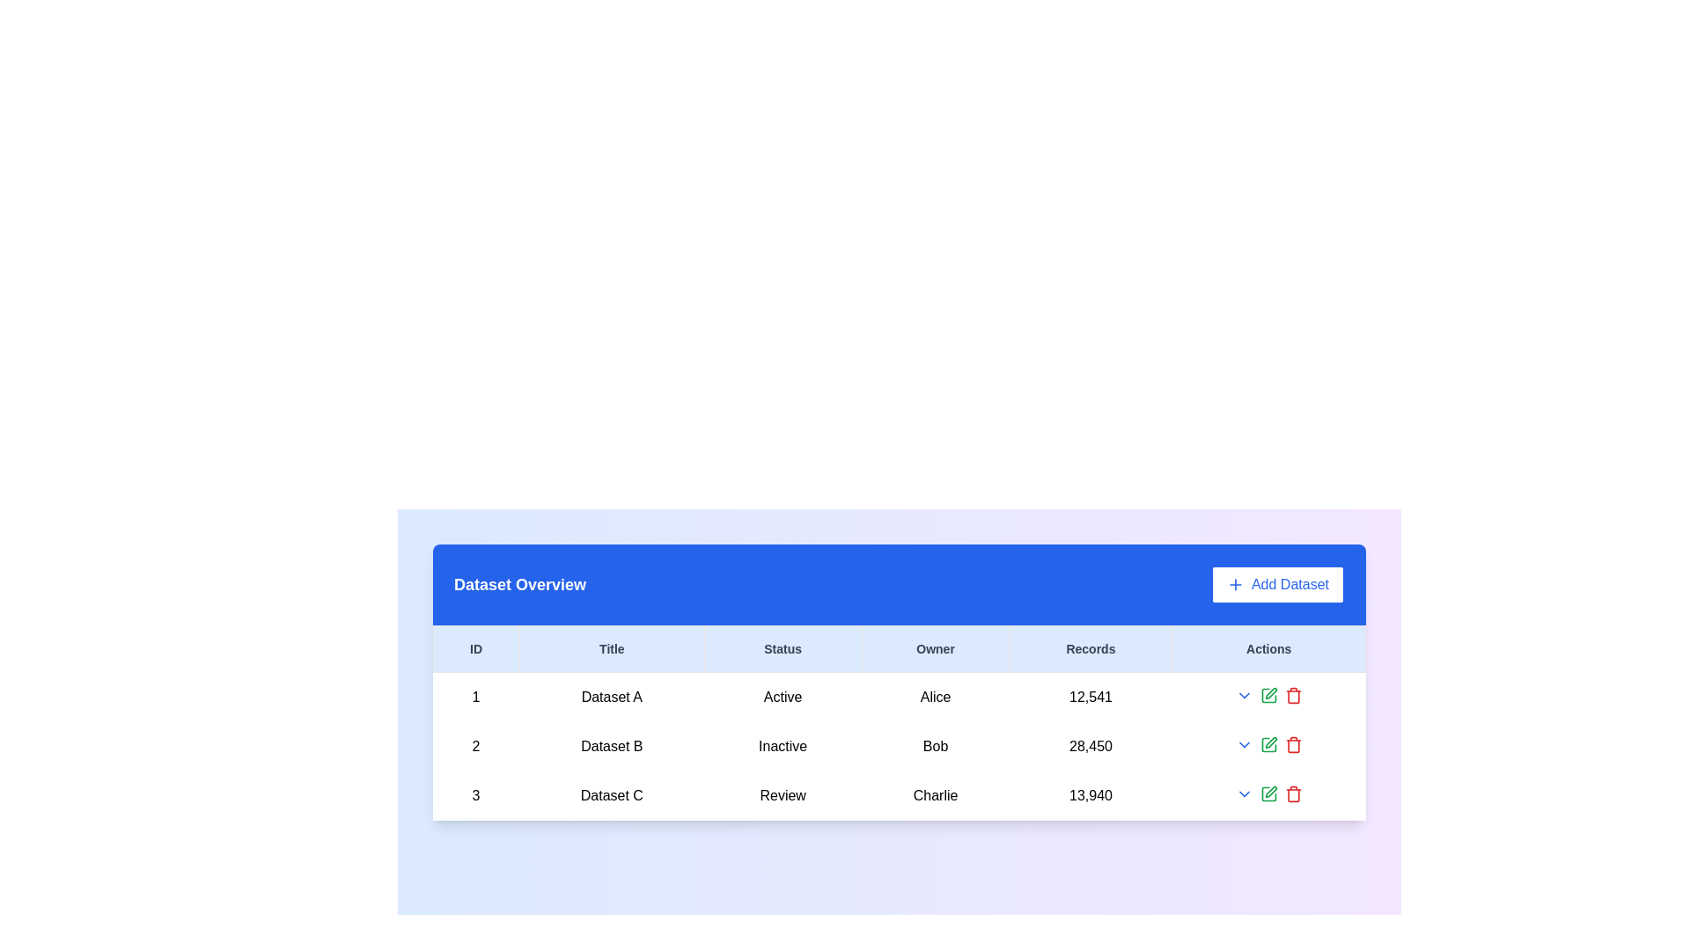 The image size is (1690, 950). Describe the element at coordinates (612, 746) in the screenshot. I see `the Table Cell Text located in the second row under the 'Title' column of the 'Dataset Overview' table` at that location.